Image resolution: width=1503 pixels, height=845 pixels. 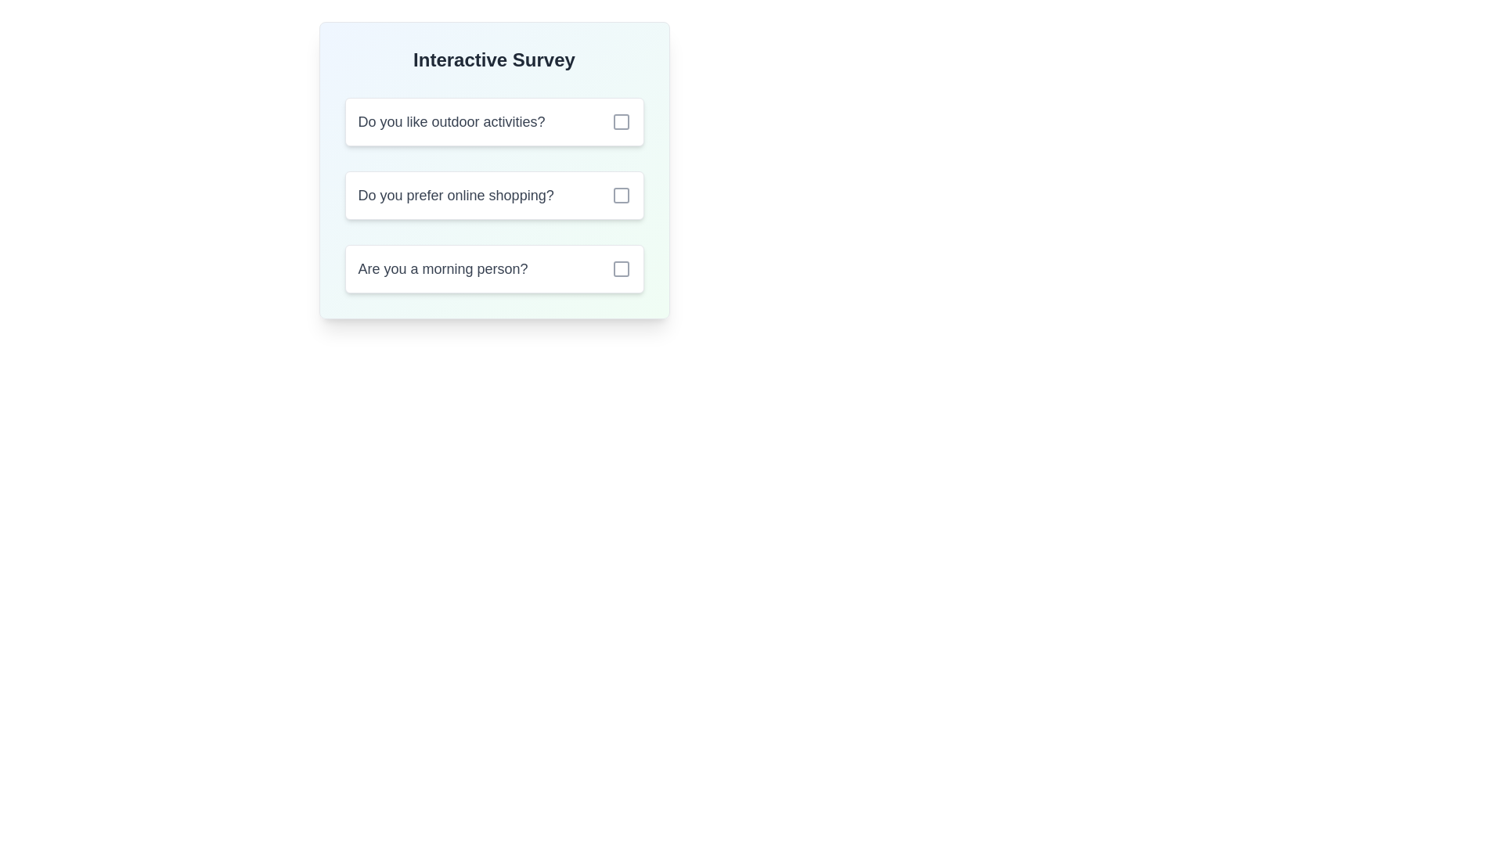 What do you see at coordinates (455, 195) in the screenshot?
I see `text element that says 'Do you prefer online shopping?' which is the second option in a survey list` at bounding box center [455, 195].